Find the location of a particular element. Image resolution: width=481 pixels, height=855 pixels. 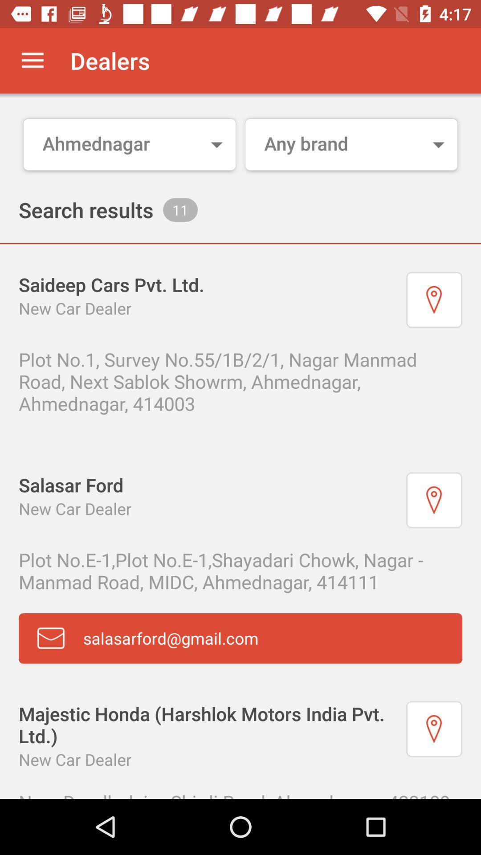

click for location is located at coordinates (434, 729).